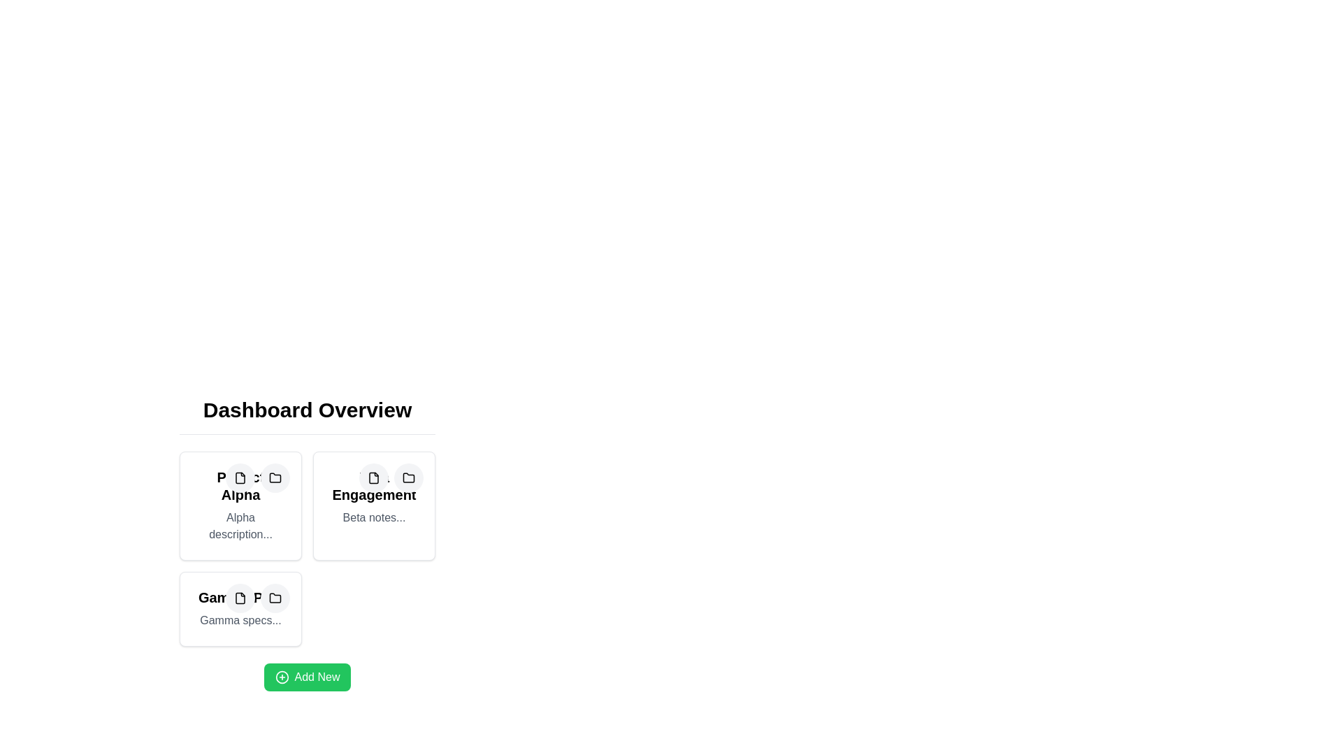  What do you see at coordinates (240, 477) in the screenshot?
I see `the document icon shape located in the card labeled 'Alpha' in the first row and first column under the 'Dashboard Overview' section` at bounding box center [240, 477].